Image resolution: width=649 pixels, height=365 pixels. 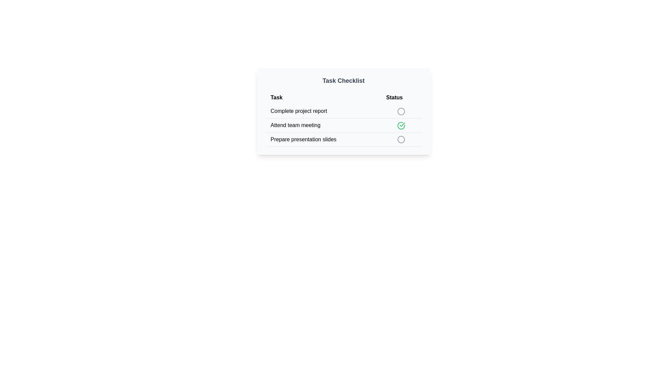 What do you see at coordinates (401, 111) in the screenshot?
I see `the circular icon with a gray outline in the Status column of the task checklist for the task 'Complete project report'` at bounding box center [401, 111].